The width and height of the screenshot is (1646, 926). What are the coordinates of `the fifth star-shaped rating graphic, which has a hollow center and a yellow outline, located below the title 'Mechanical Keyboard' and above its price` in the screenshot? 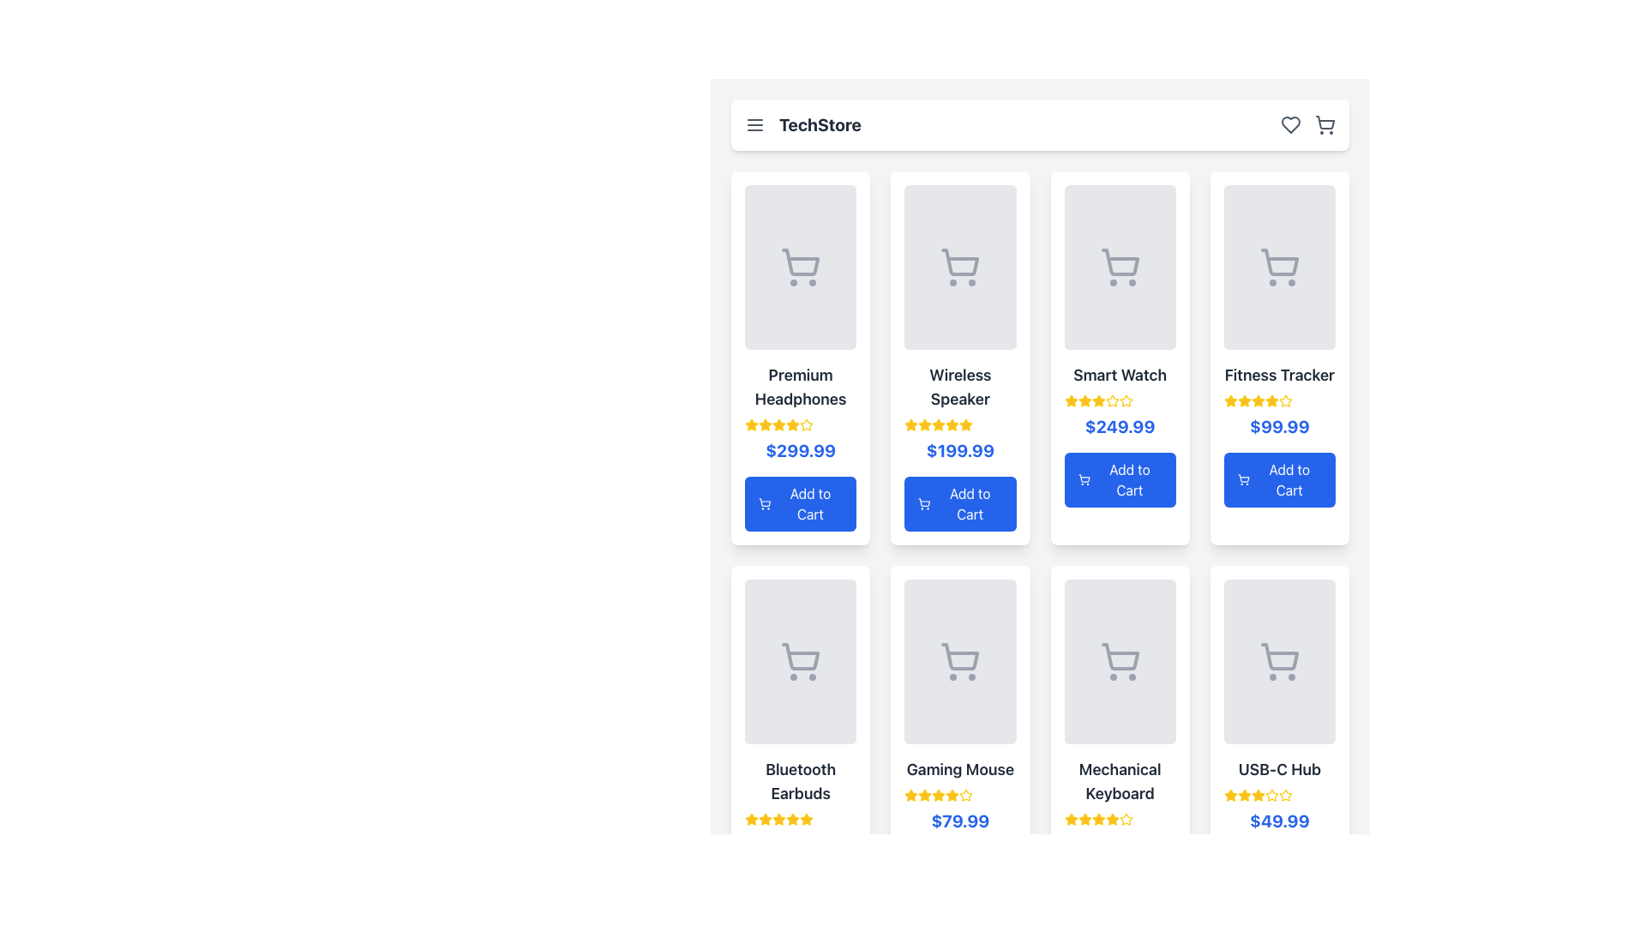 It's located at (1126, 819).